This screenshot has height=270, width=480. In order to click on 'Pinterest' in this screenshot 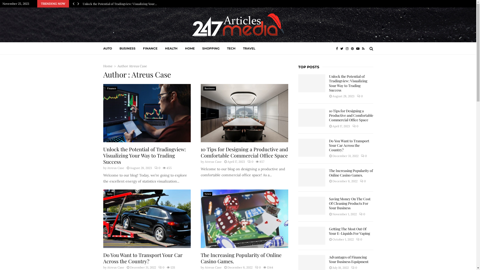, I will do `click(353, 48)`.